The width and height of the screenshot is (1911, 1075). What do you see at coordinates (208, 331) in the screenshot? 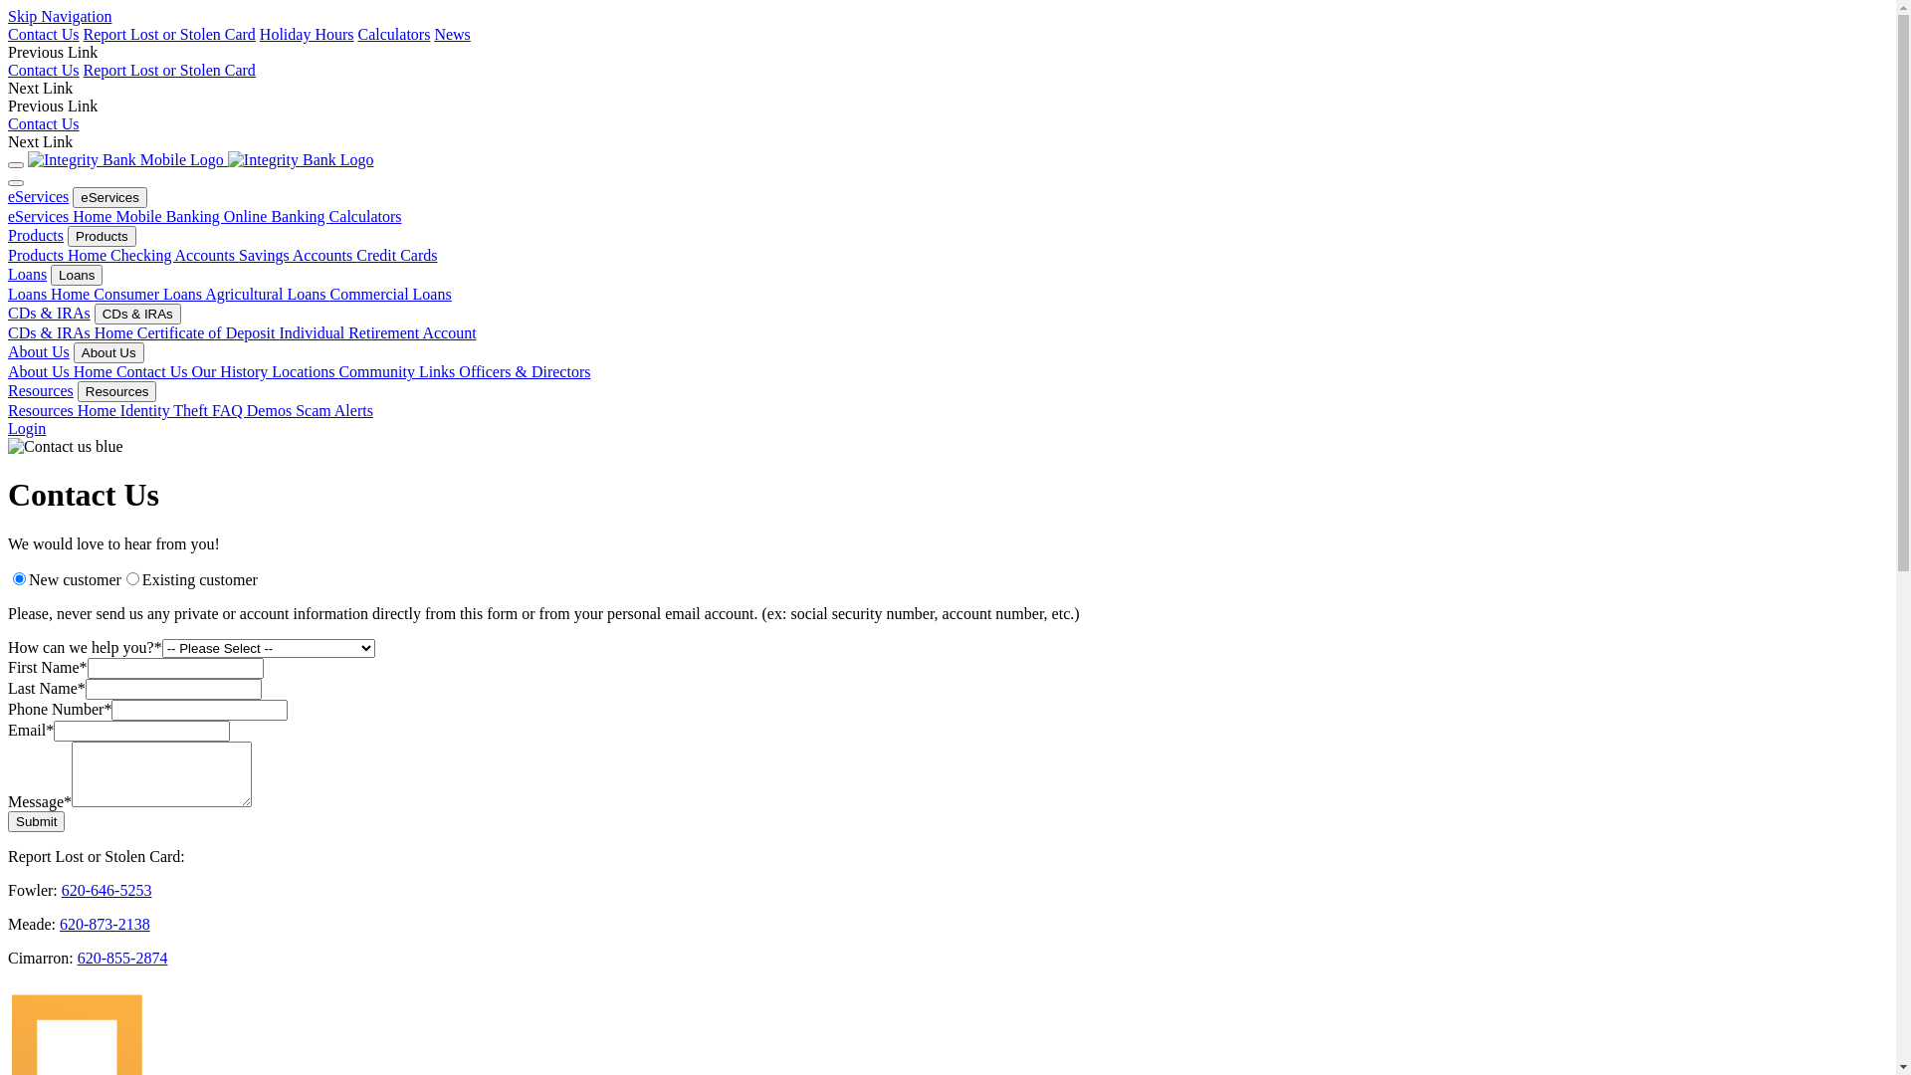
I see `'Certificate of Deposit'` at bounding box center [208, 331].